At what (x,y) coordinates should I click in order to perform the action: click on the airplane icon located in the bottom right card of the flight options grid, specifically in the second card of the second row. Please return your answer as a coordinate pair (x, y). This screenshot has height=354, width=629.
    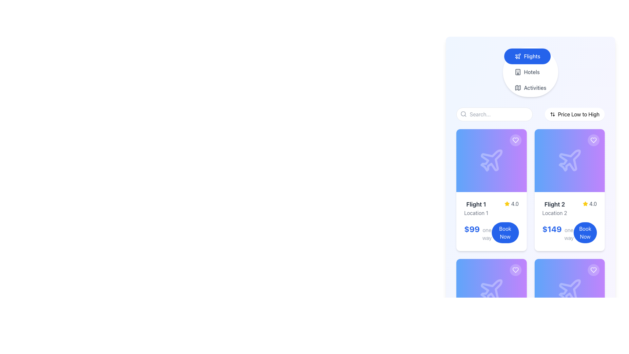
    Looking at the image, I should click on (569, 290).